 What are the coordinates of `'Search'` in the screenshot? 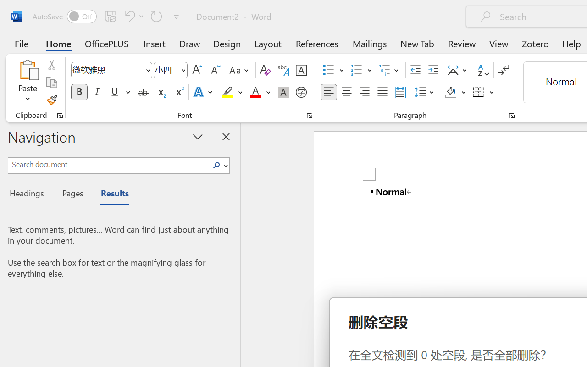 It's located at (219, 165).